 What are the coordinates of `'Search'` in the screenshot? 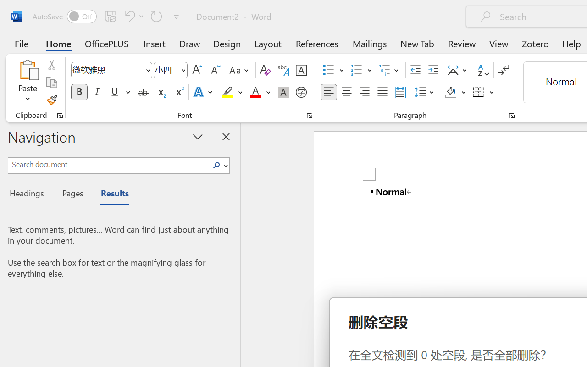 It's located at (219, 165).